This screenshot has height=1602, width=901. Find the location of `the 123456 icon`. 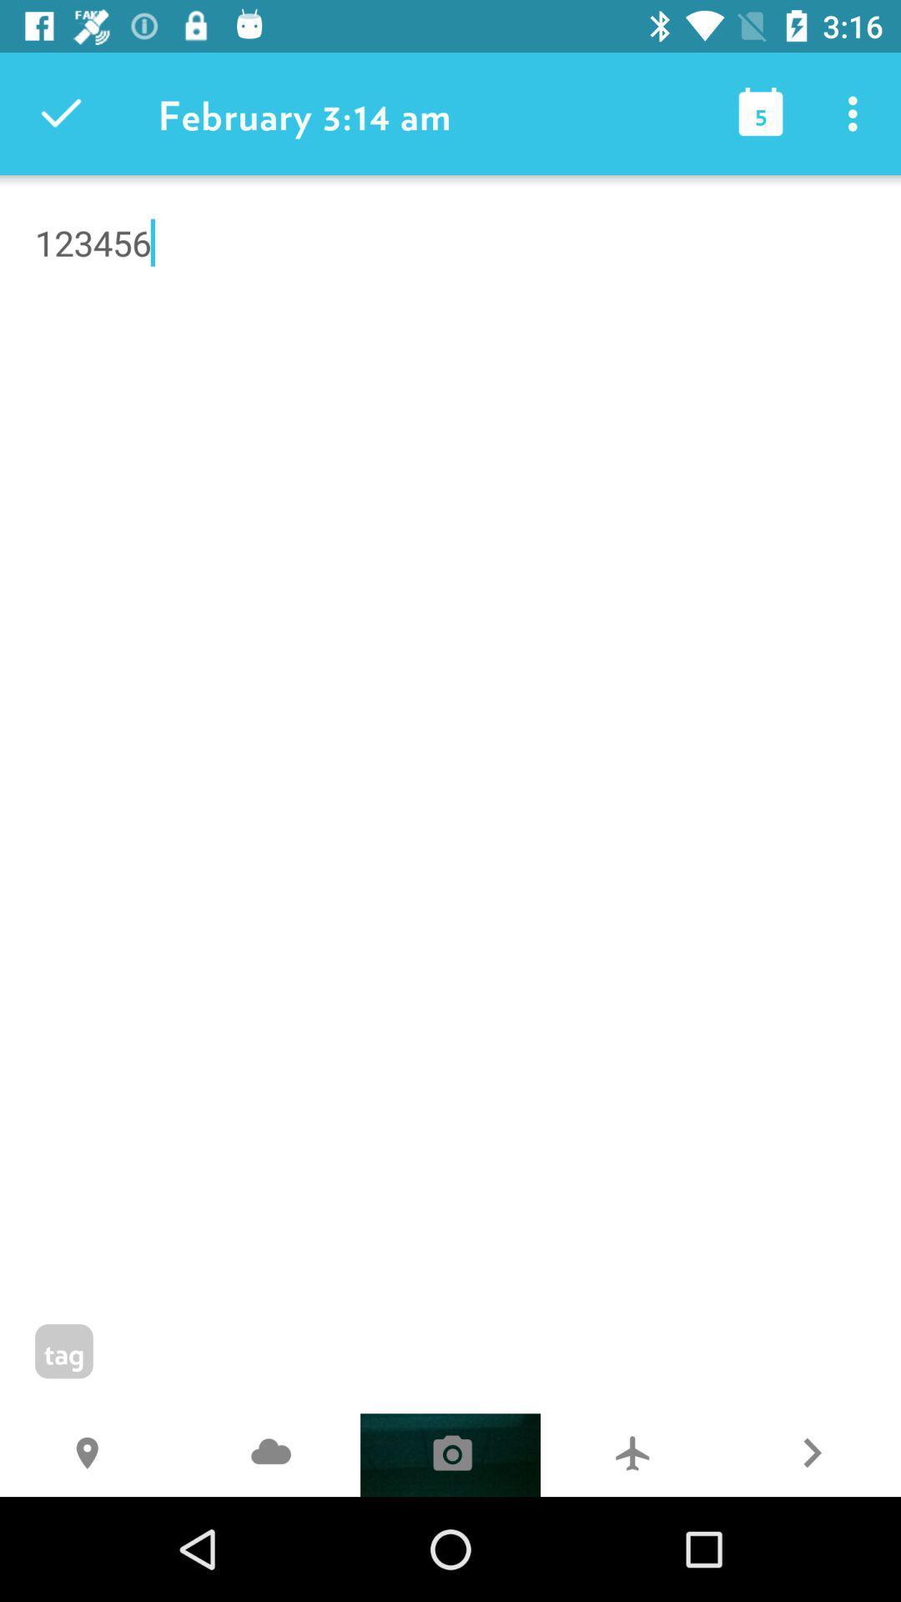

the 123456 icon is located at coordinates (450, 330).